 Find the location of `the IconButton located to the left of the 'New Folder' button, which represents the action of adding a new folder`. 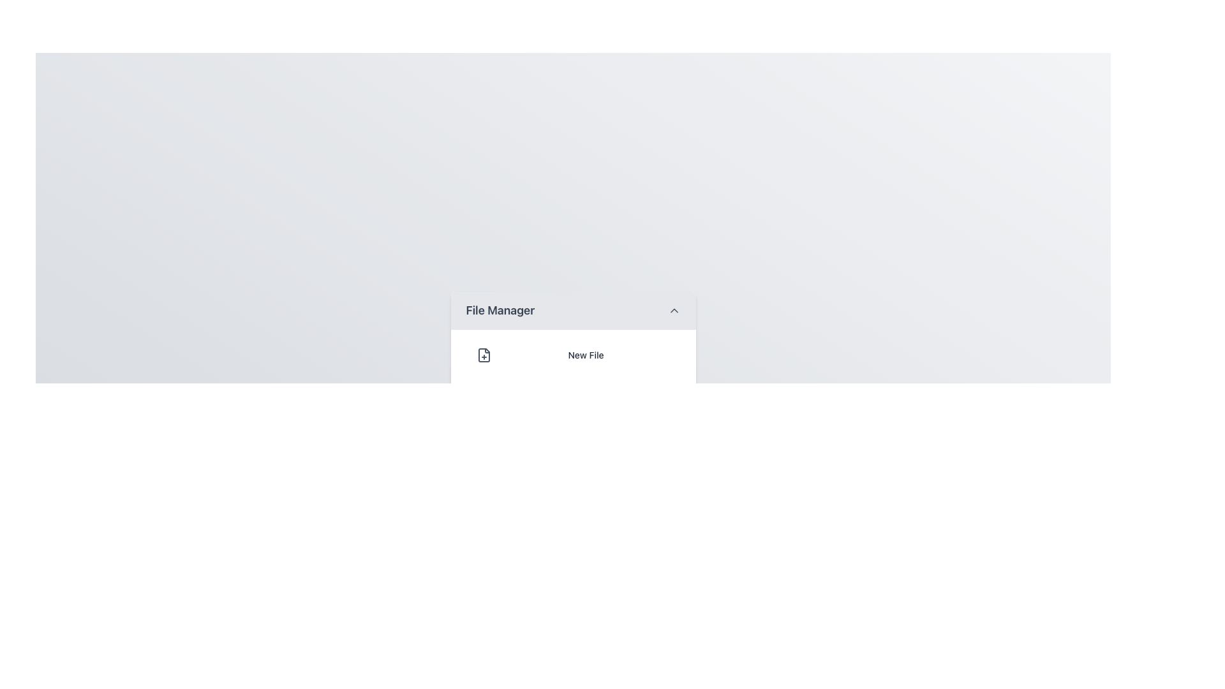

the IconButton located to the left of the 'New Folder' button, which represents the action of adding a new folder is located at coordinates (483, 396).